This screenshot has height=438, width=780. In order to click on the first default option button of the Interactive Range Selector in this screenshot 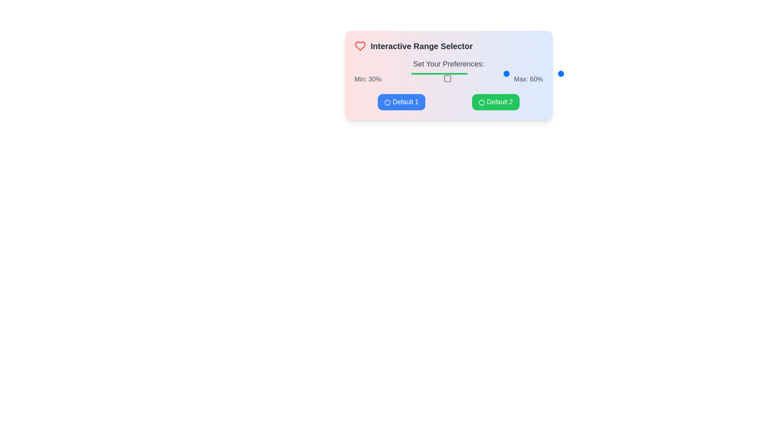, I will do `click(401, 101)`.